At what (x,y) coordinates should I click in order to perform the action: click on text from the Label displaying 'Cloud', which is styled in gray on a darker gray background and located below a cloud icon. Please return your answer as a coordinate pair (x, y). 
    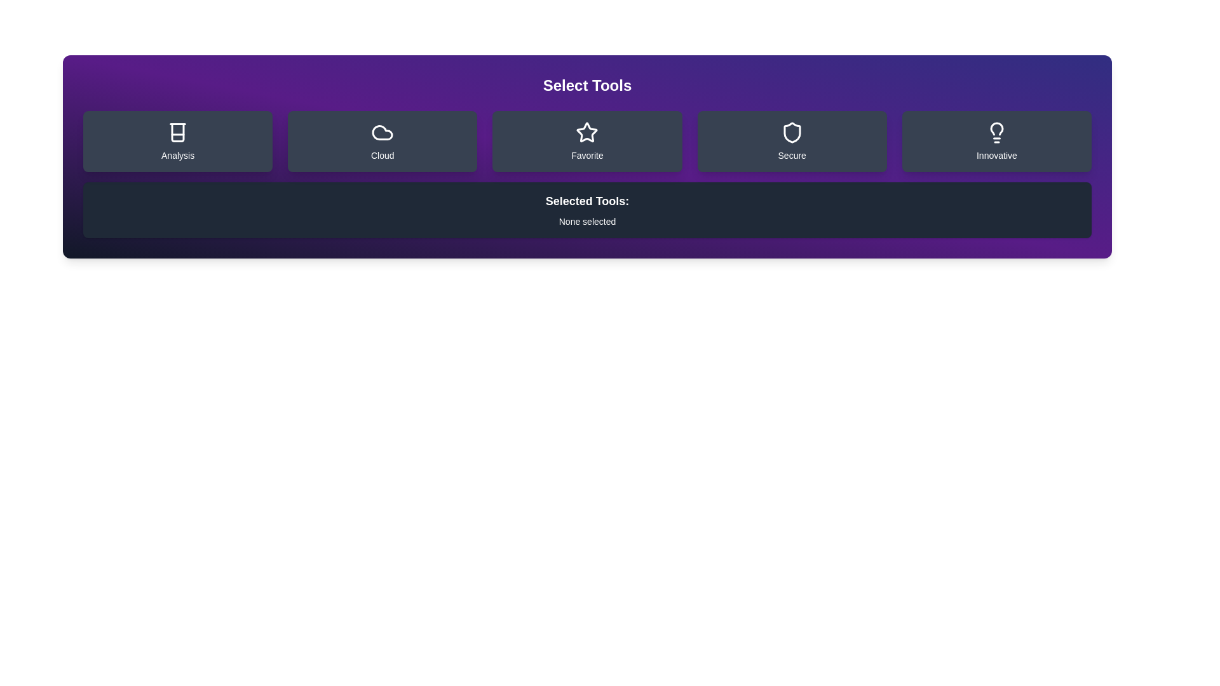
    Looking at the image, I should click on (382, 155).